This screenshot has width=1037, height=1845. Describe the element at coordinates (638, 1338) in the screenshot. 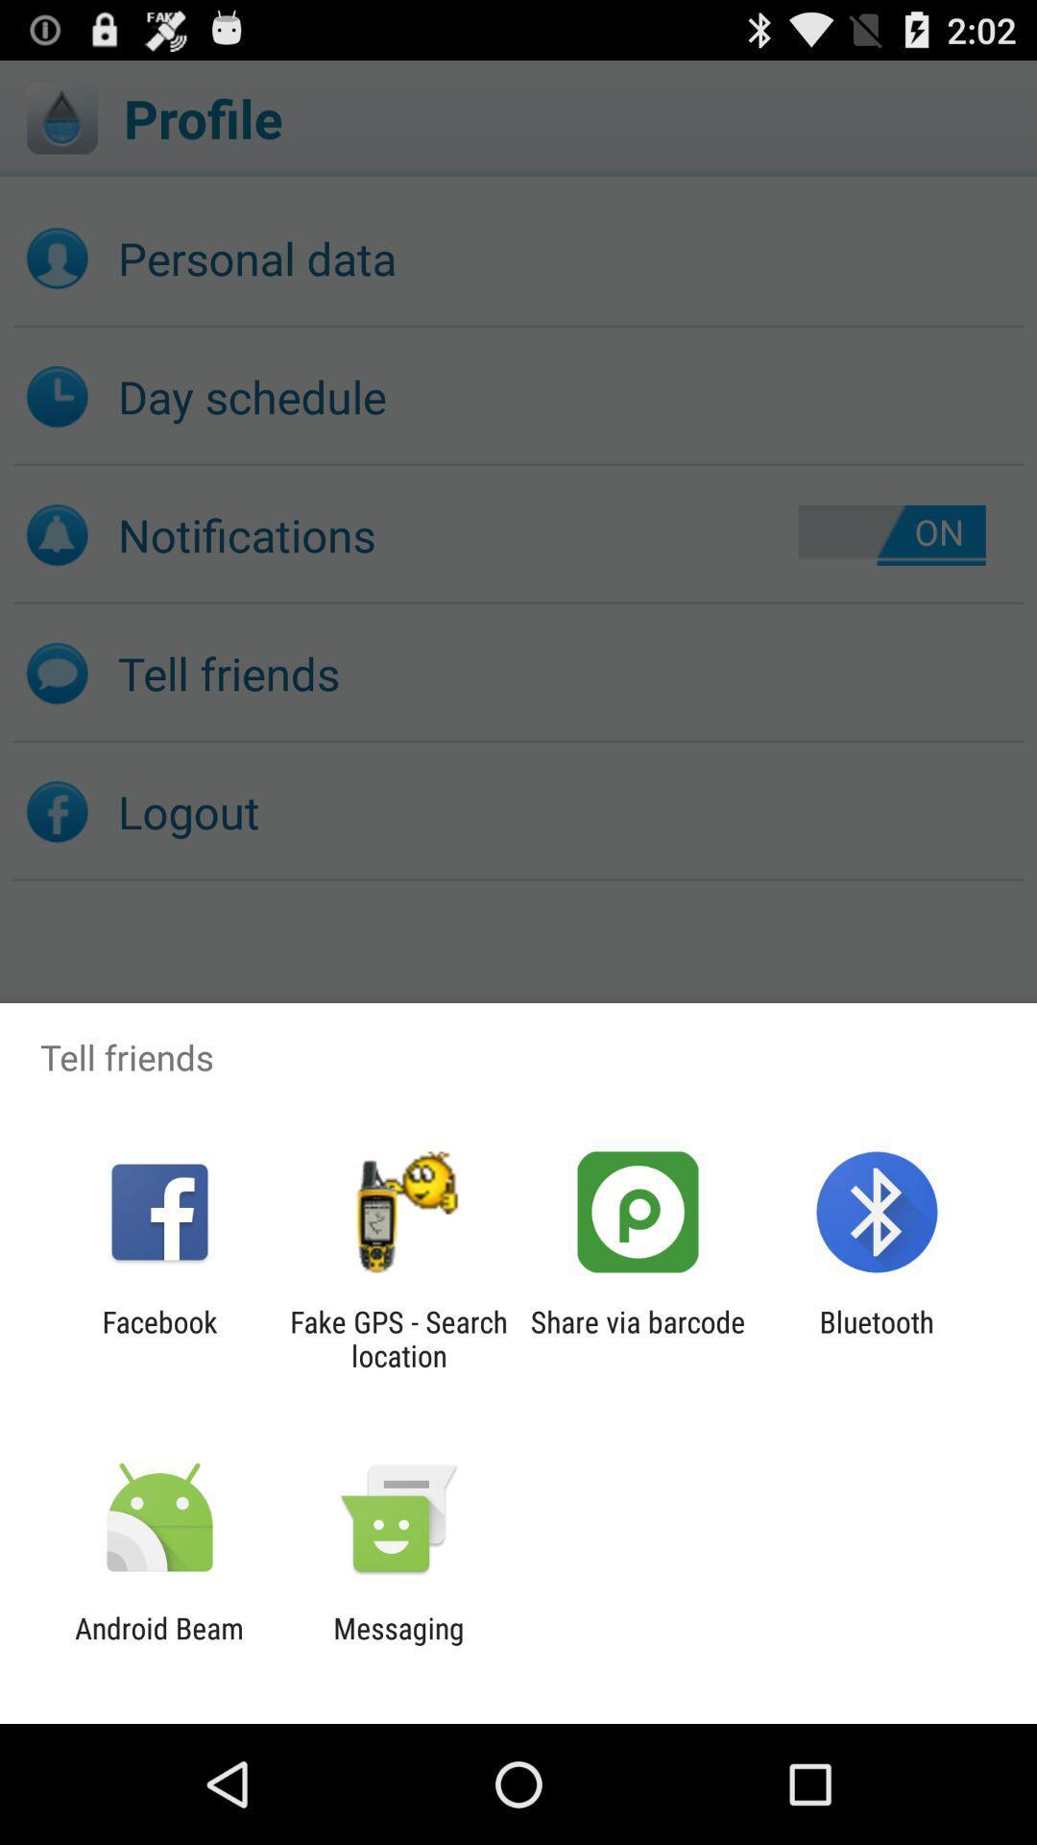

I see `the app to the left of the bluetooth app` at that location.